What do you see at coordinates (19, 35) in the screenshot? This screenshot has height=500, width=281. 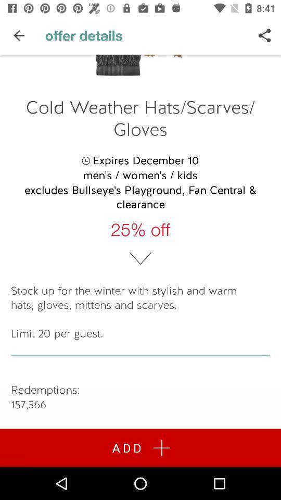 I see `the item above cold weather hats` at bounding box center [19, 35].